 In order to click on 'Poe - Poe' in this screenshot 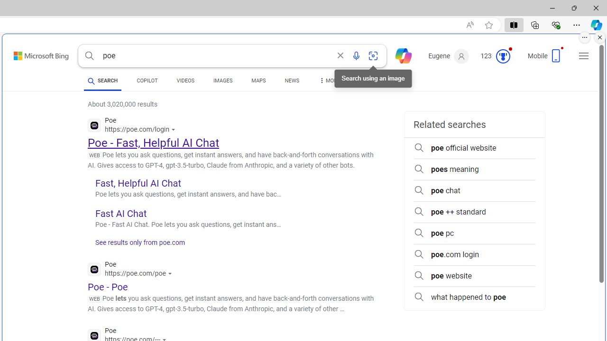, I will do `click(108, 286)`.